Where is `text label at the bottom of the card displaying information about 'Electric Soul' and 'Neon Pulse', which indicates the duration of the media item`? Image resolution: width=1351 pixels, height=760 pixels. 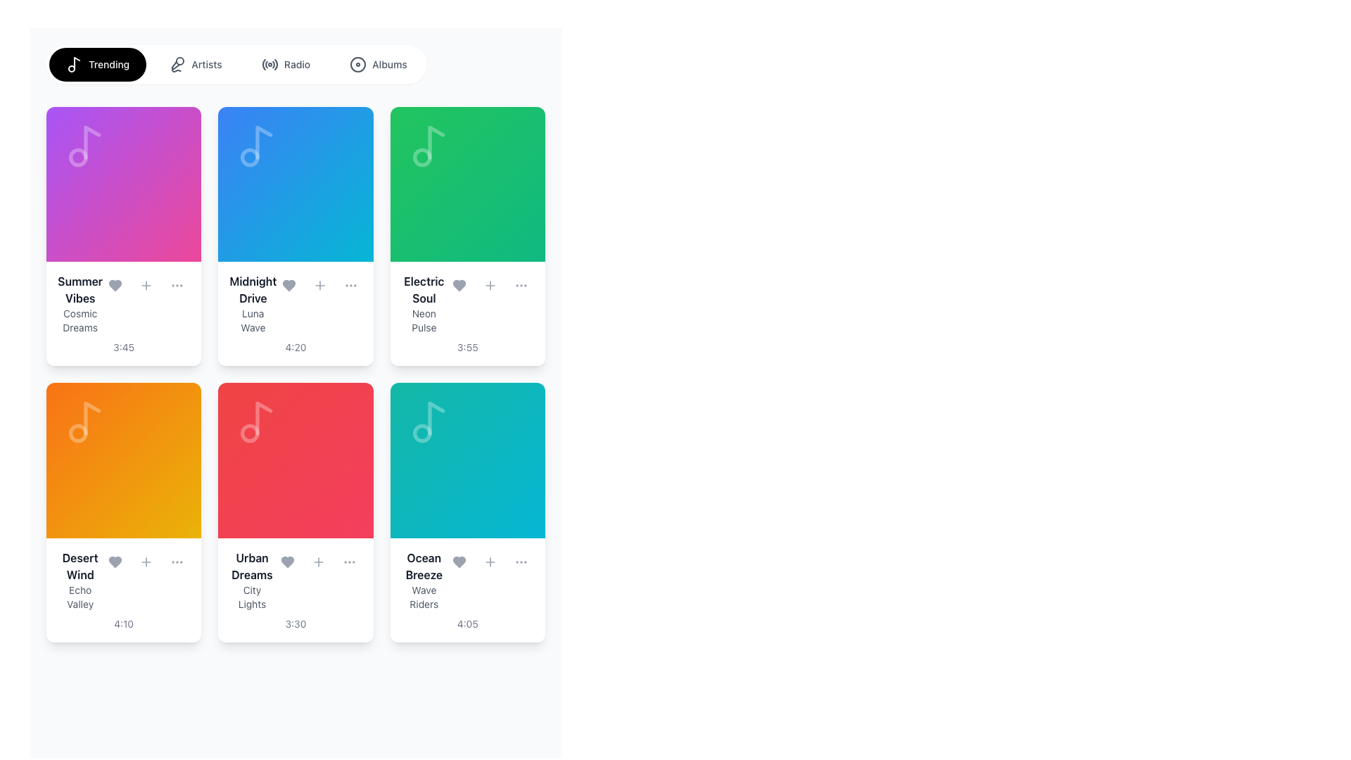
text label at the bottom of the card displaying information about 'Electric Soul' and 'Neon Pulse', which indicates the duration of the media item is located at coordinates (467, 348).